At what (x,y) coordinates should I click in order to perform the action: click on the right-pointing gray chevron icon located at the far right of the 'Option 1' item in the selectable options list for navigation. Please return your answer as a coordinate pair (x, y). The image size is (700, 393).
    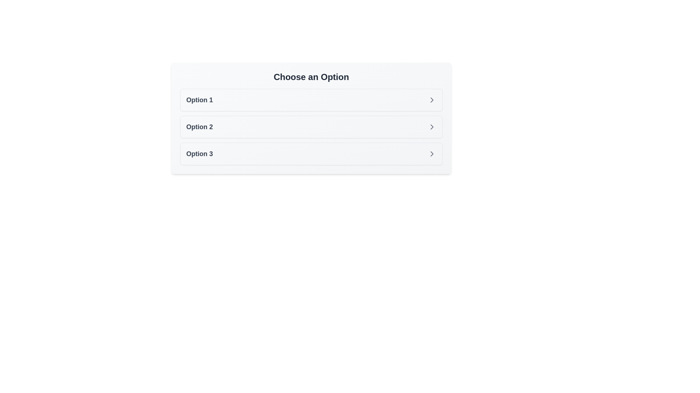
    Looking at the image, I should click on (432, 100).